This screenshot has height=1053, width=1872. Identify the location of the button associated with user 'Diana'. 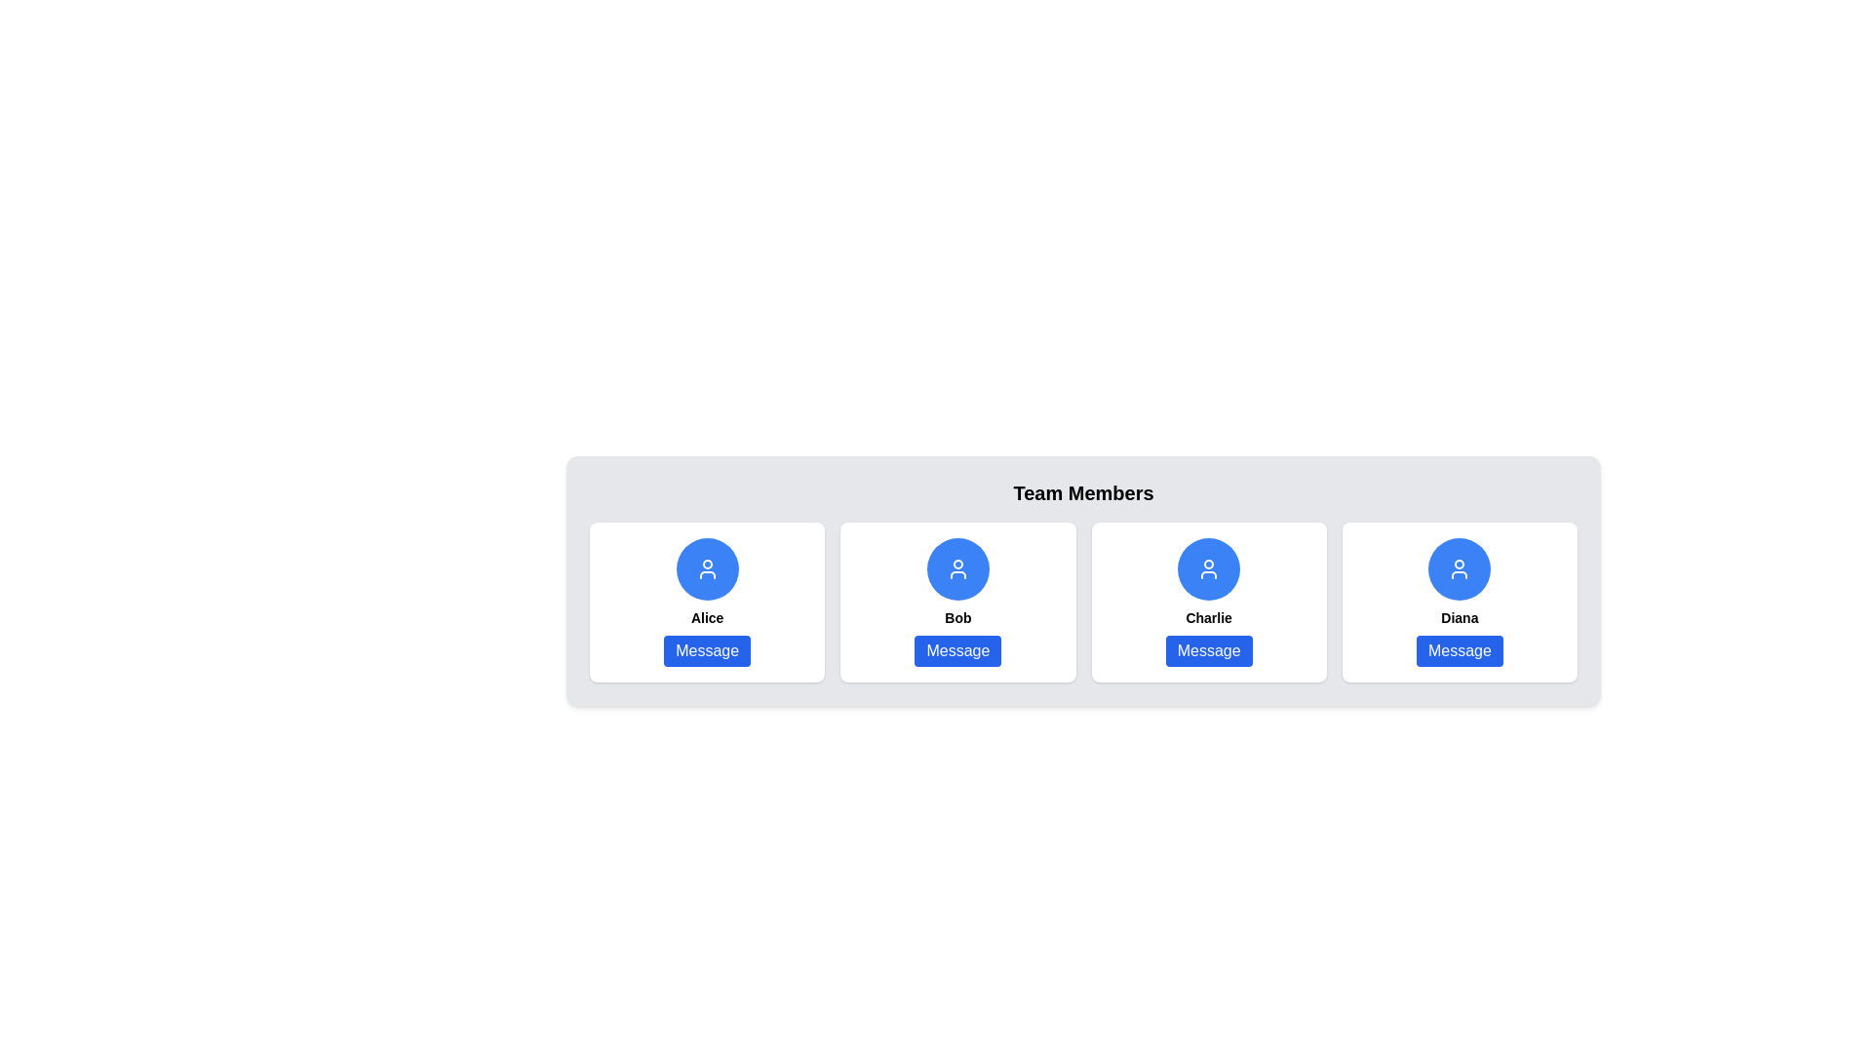
(1460, 650).